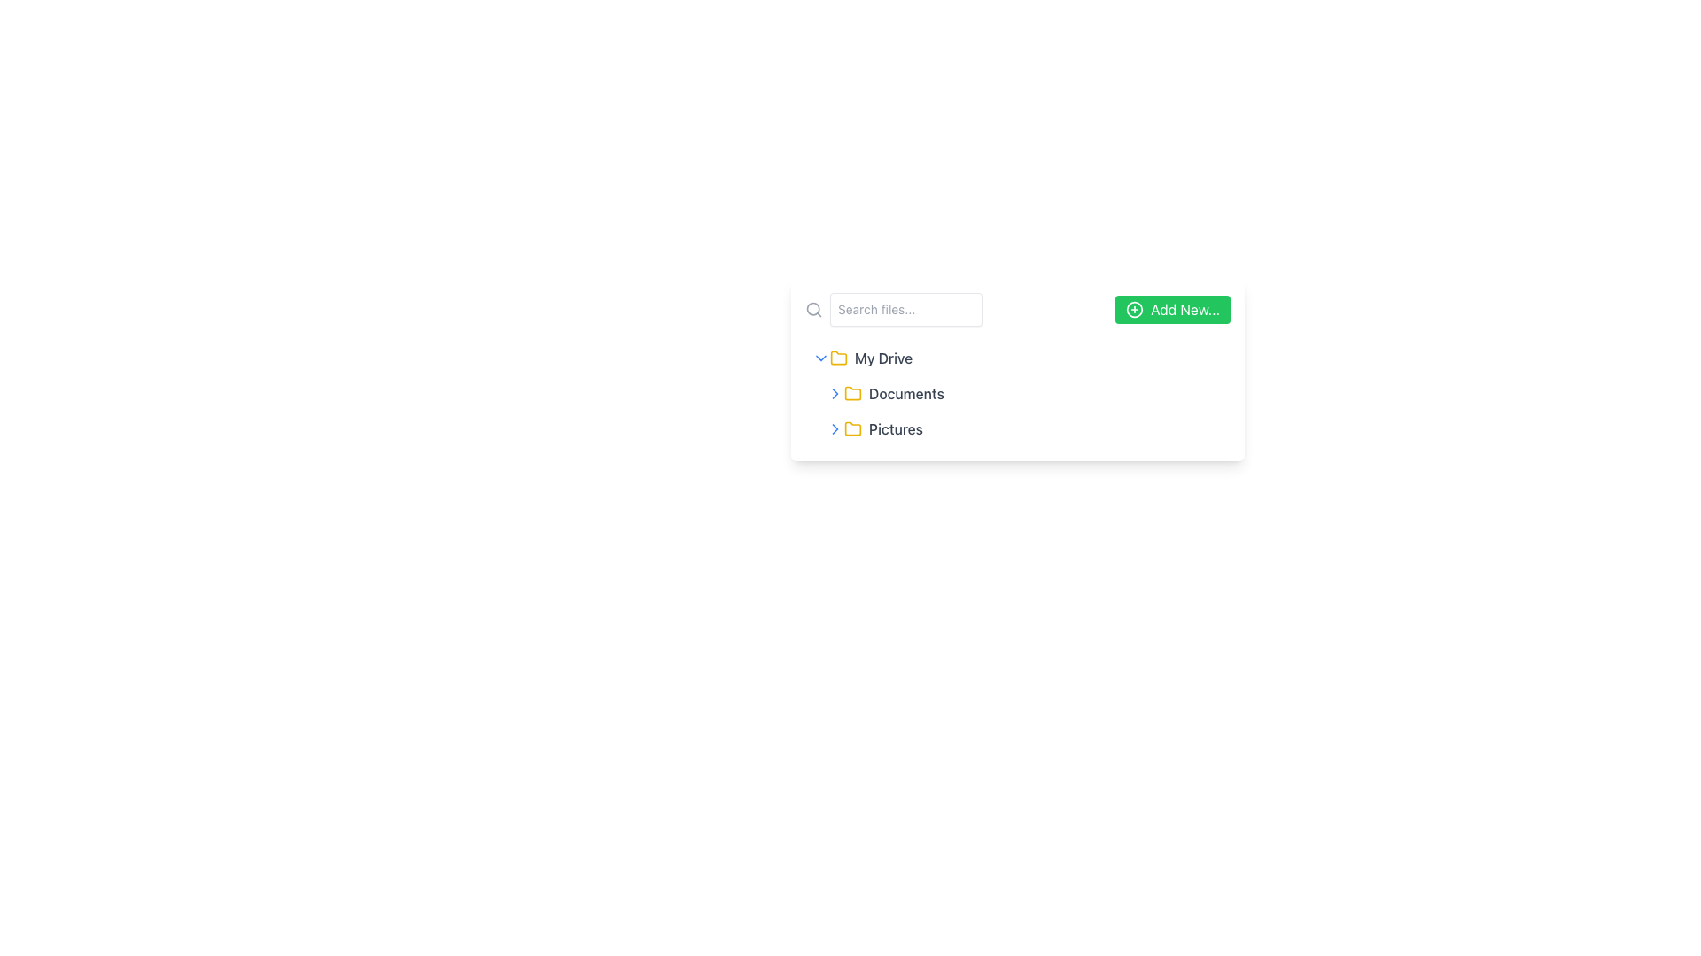 This screenshot has height=956, width=1701. What do you see at coordinates (906, 392) in the screenshot?
I see `the text label representing the folder name, which is part of a dropdown or file tree structure` at bounding box center [906, 392].